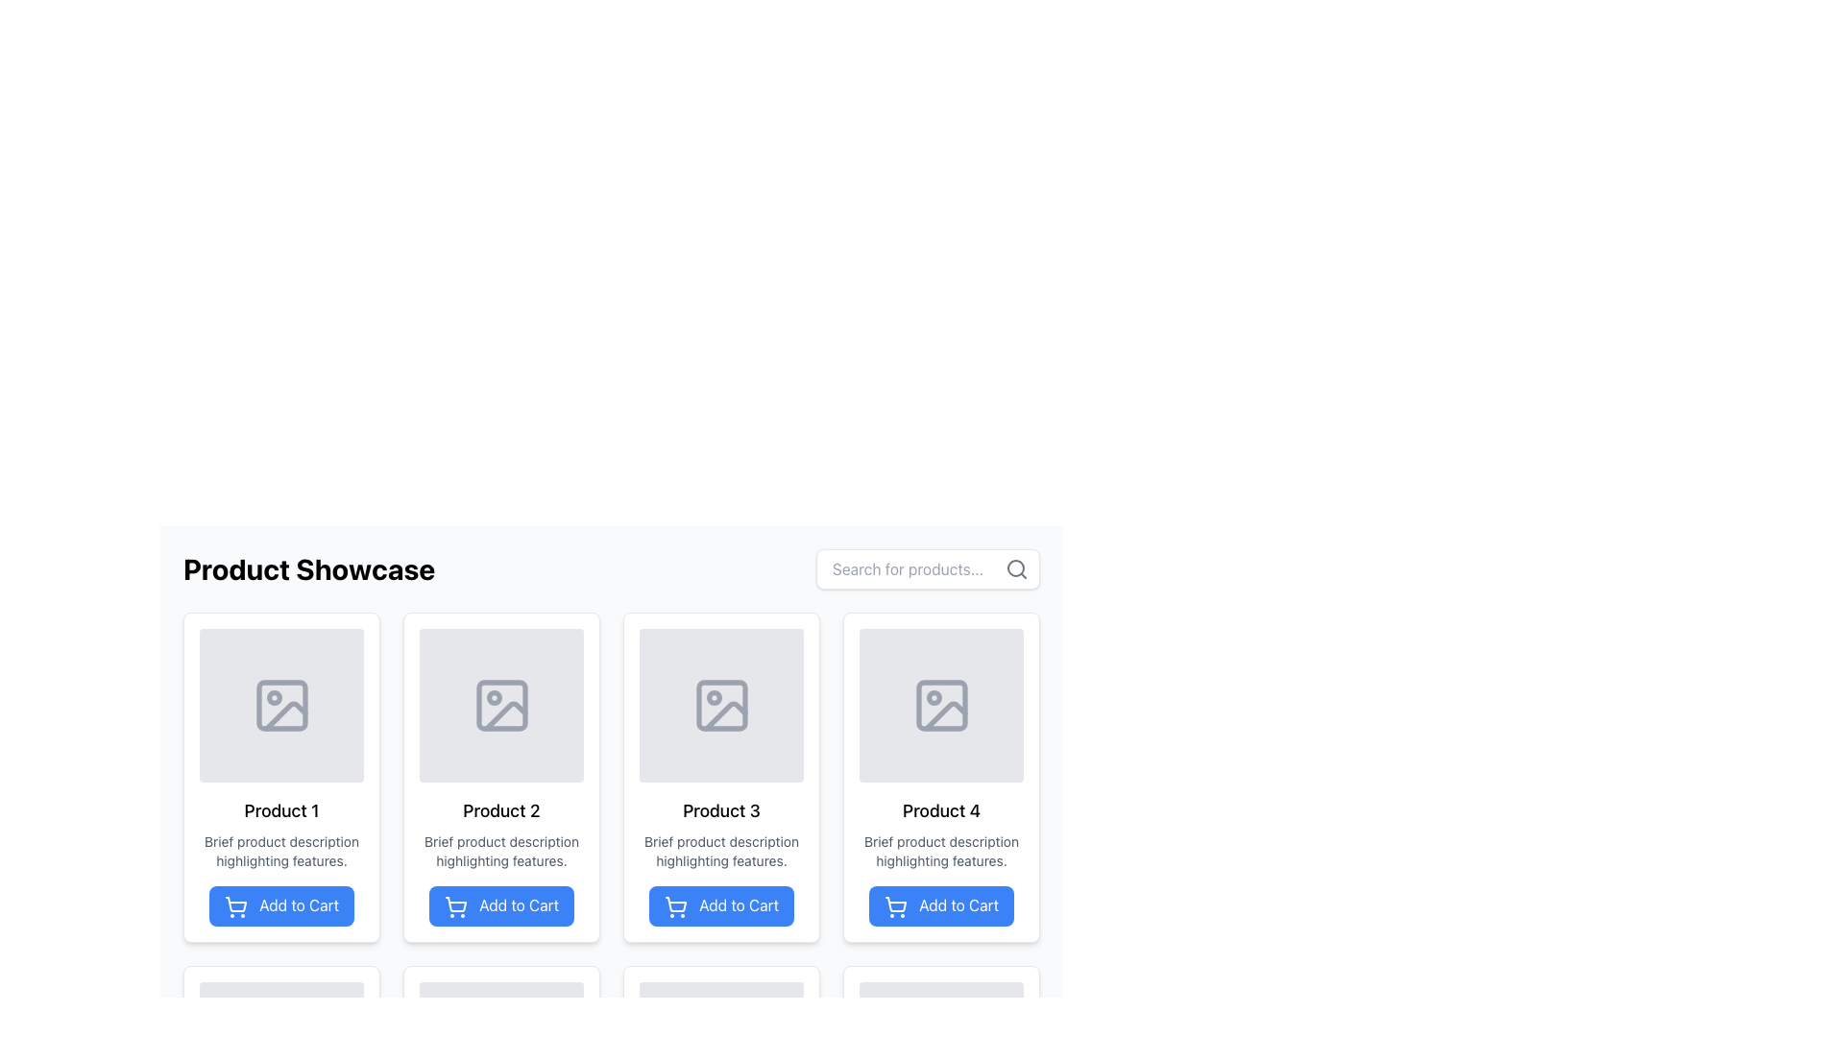  What do you see at coordinates (675, 906) in the screenshot?
I see `the 'Add to Cart' button containing the shopping cart icon located within the third product card in the 'Product Showcase' section` at bounding box center [675, 906].